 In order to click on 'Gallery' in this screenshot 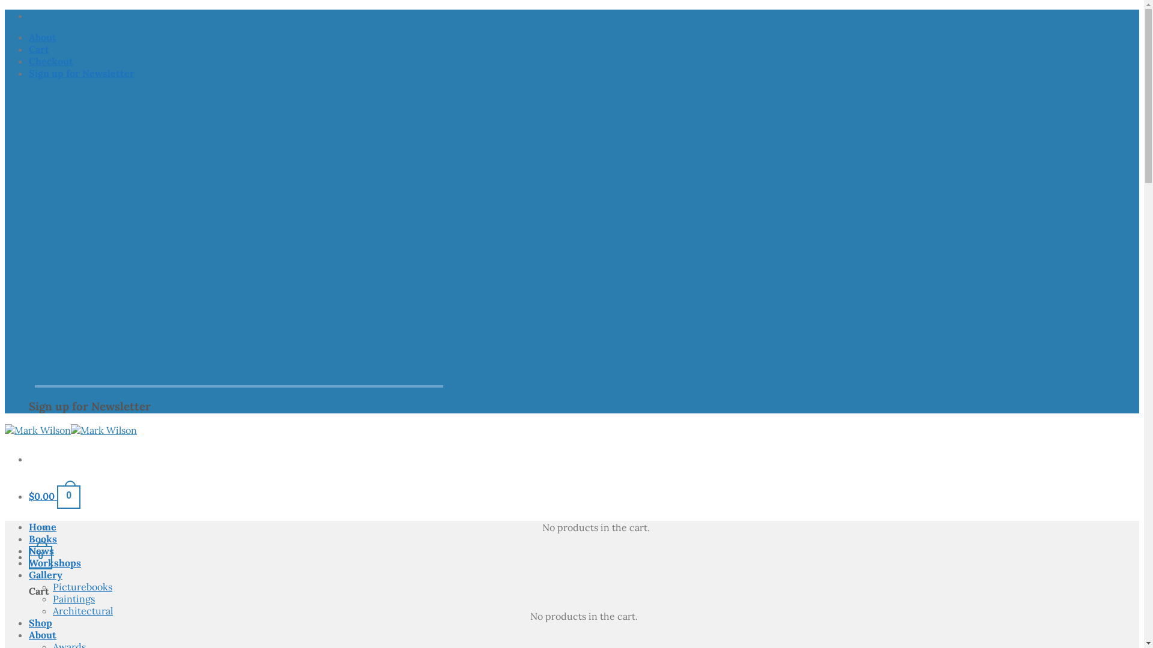, I will do `click(46, 574)`.